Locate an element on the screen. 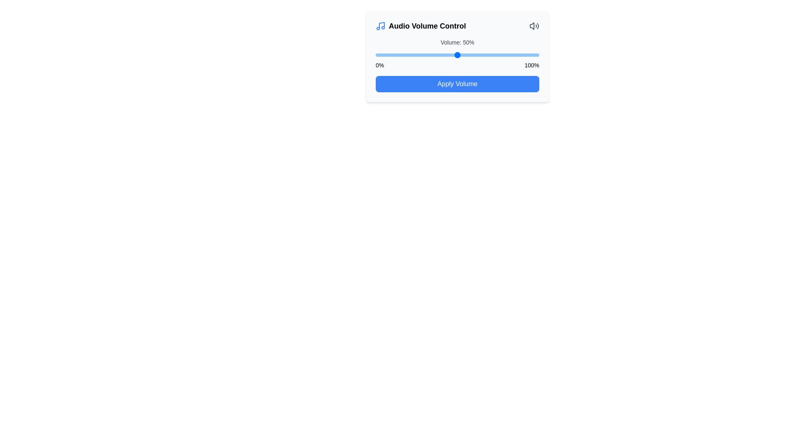 Image resolution: width=785 pixels, height=441 pixels. the horizontal slider element labeled 'Volume: 50%' is located at coordinates (457, 55).